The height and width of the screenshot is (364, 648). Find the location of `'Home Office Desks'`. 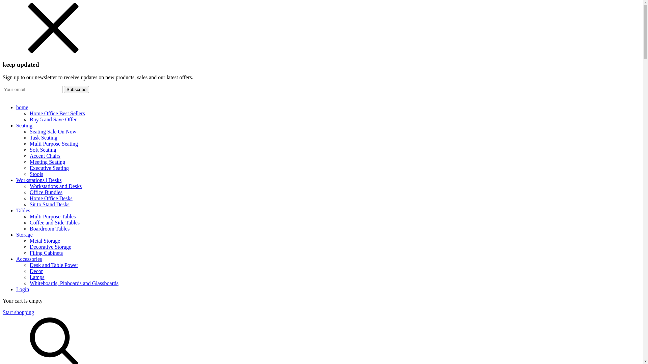

'Home Office Desks' is located at coordinates (29, 198).